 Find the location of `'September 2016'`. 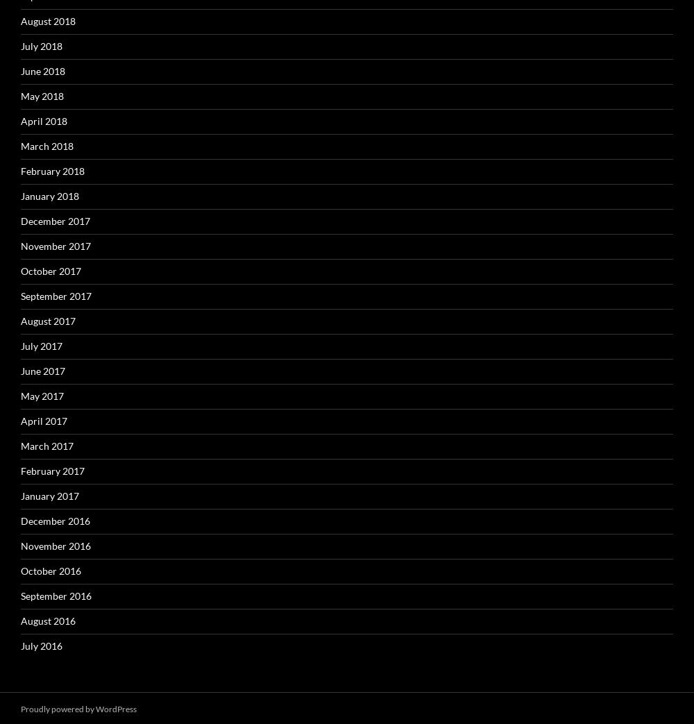

'September 2016' is located at coordinates (21, 596).